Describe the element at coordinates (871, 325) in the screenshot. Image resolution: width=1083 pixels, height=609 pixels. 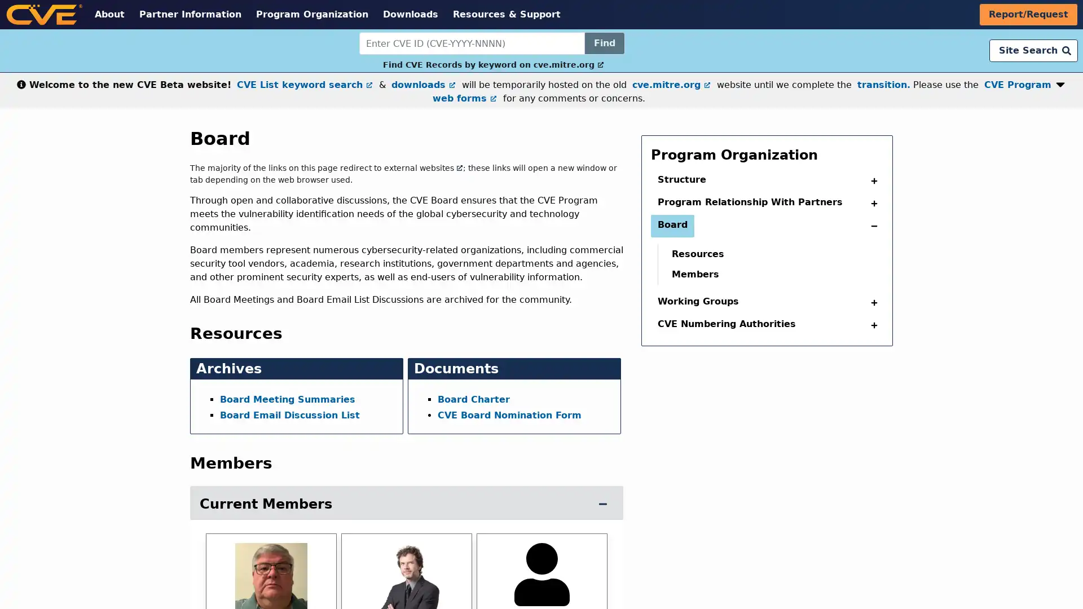
I see `collapse` at that location.